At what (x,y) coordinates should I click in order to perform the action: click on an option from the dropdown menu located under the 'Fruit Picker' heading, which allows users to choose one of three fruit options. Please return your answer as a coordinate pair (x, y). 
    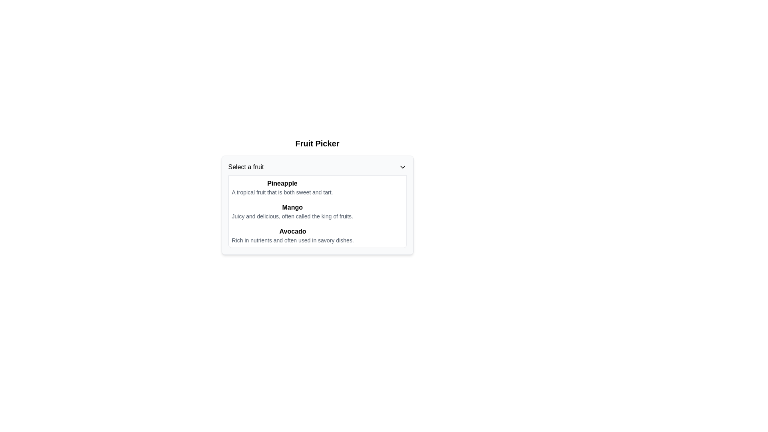
    Looking at the image, I should click on (317, 205).